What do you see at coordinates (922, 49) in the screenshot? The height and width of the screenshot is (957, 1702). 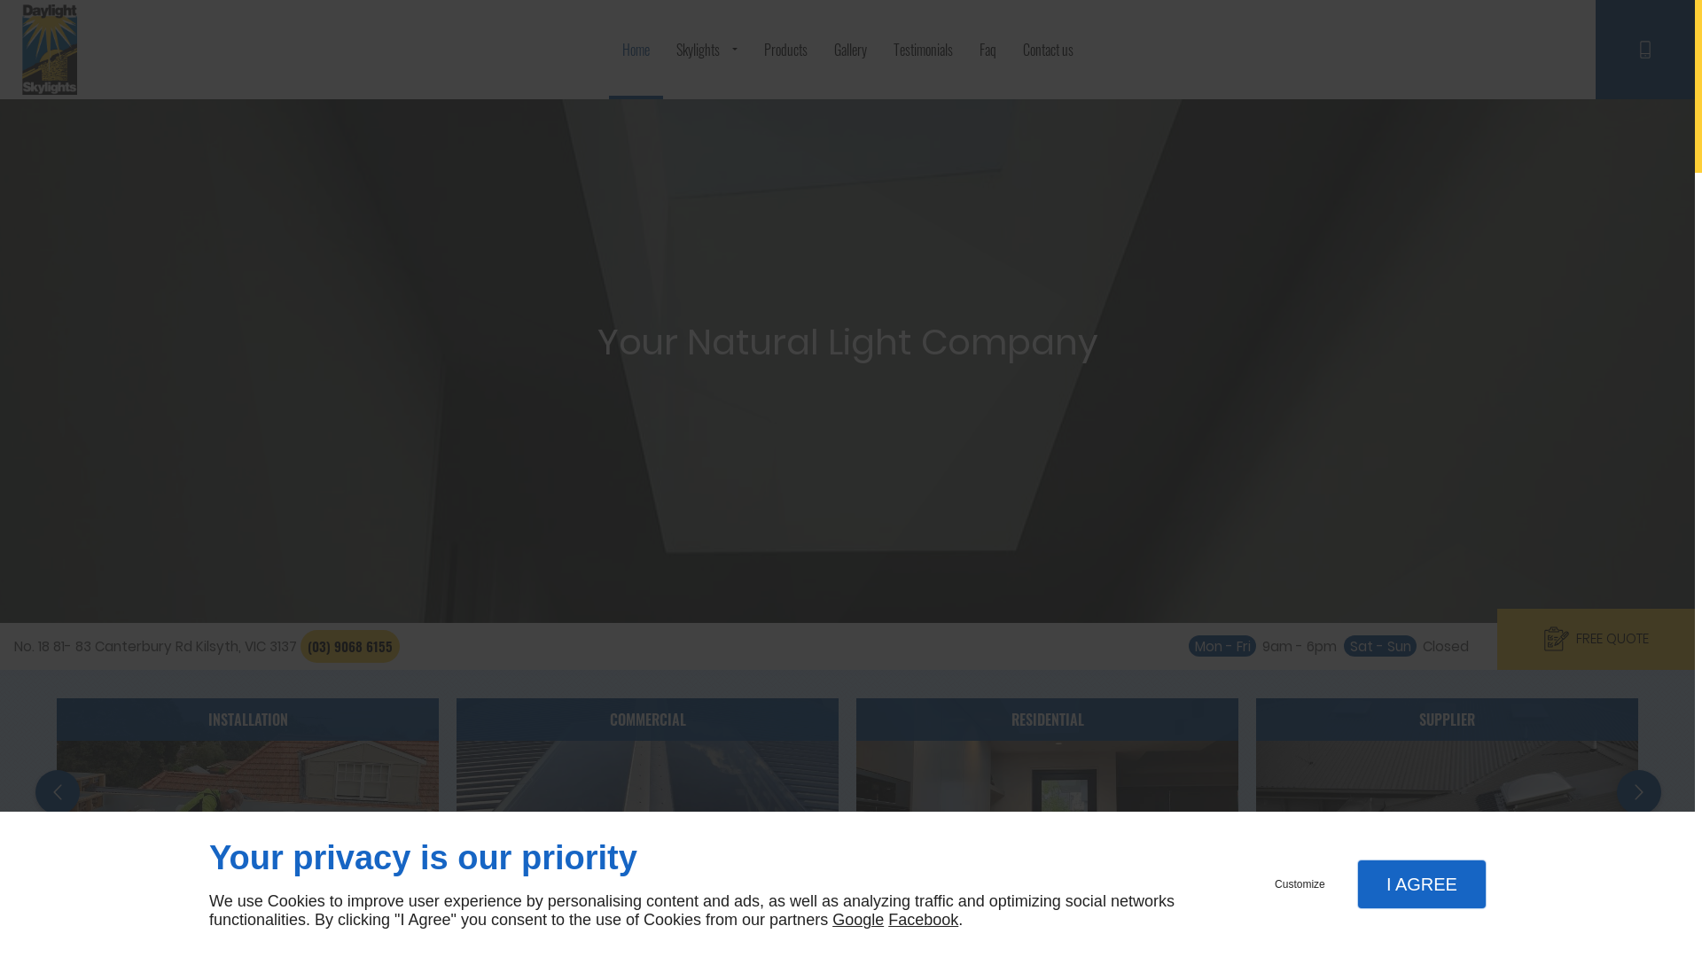 I see `'Testimonials'` at bounding box center [922, 49].